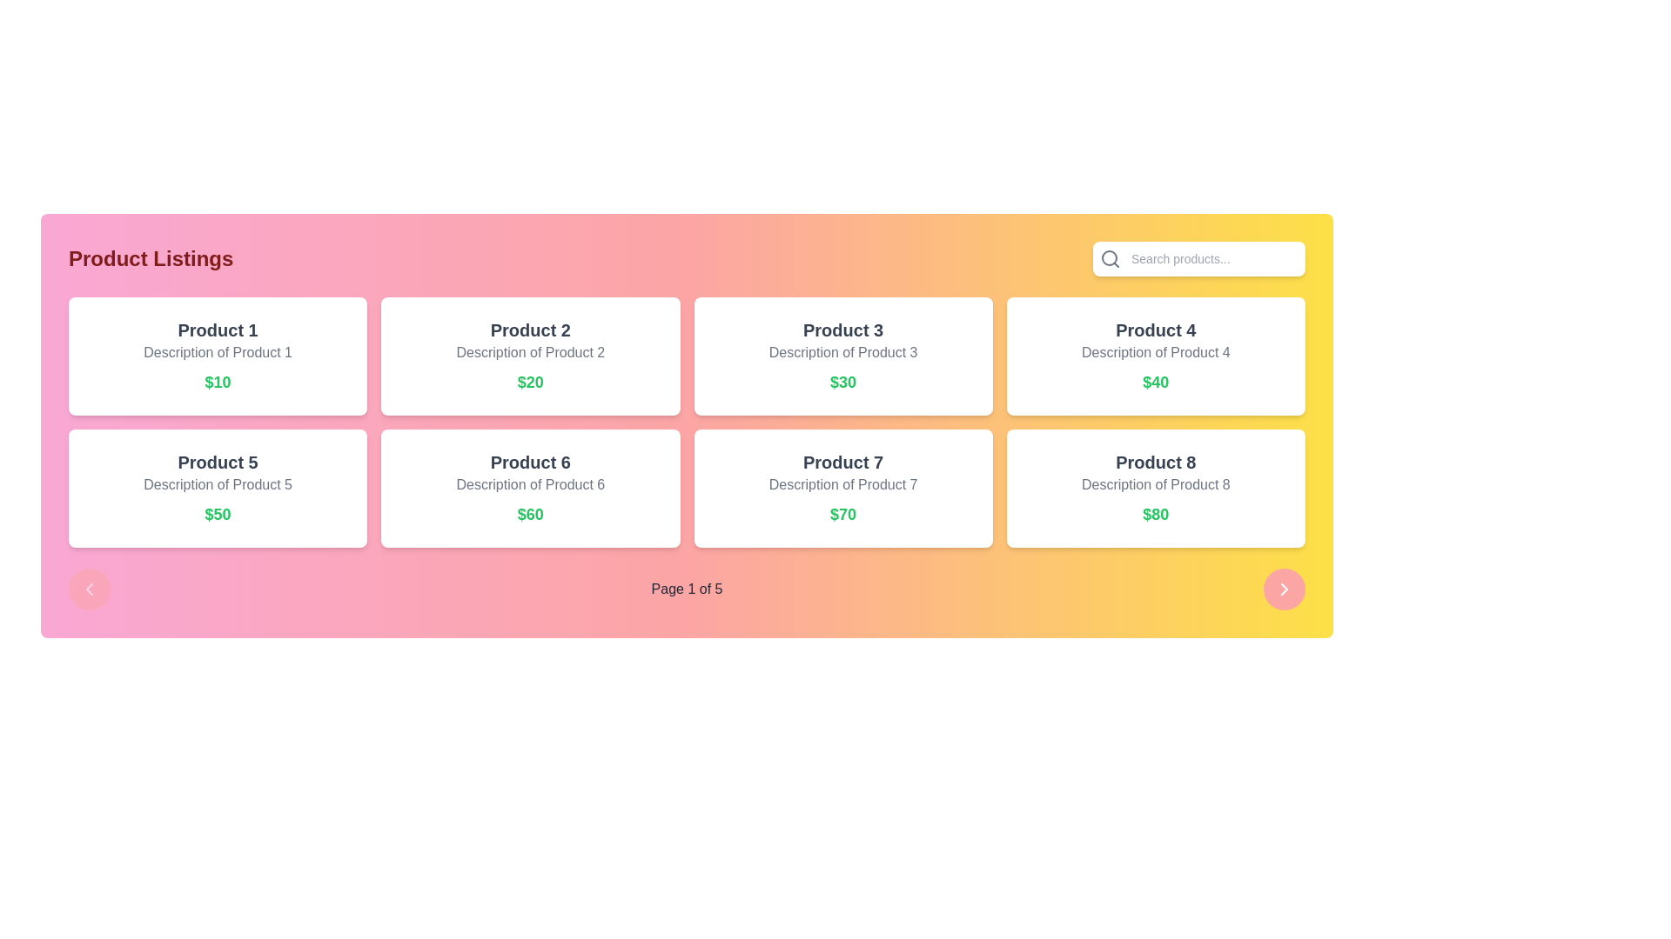 The image size is (1671, 939). Describe the element at coordinates (1156, 489) in the screenshot. I see `the product card titled 'Product 8' with a white background and green bold price '$80', located at the bottom right of the grid layout` at that location.